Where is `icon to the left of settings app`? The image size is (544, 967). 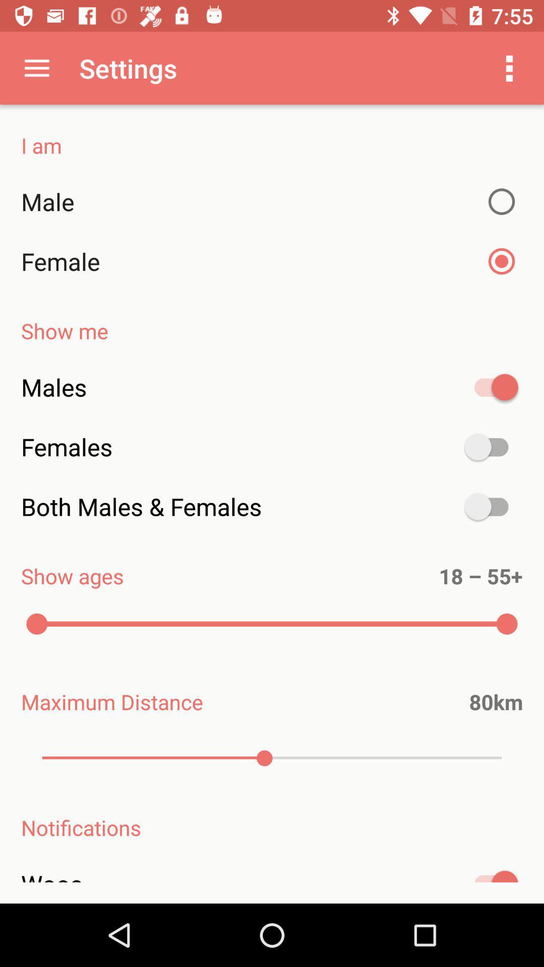
icon to the left of settings app is located at coordinates (36, 67).